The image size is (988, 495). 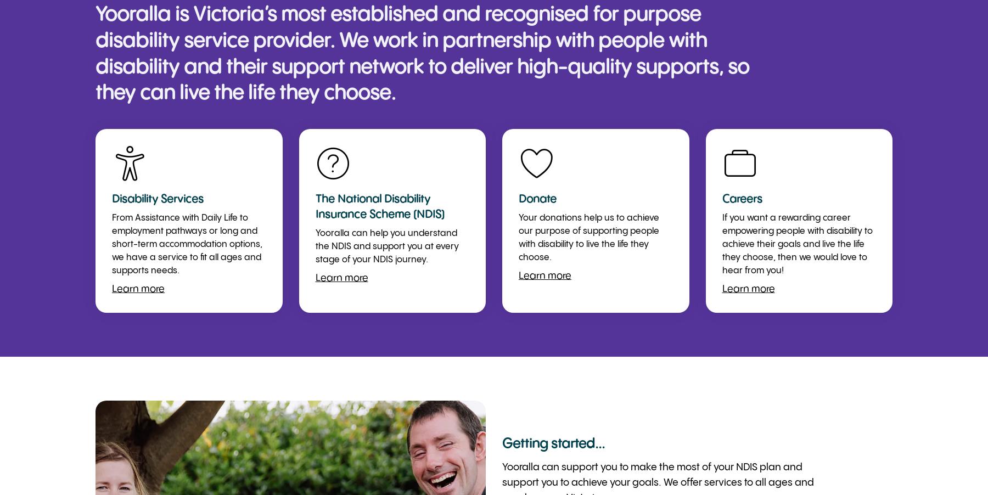 I want to click on 'help', so click(x=333, y=163).